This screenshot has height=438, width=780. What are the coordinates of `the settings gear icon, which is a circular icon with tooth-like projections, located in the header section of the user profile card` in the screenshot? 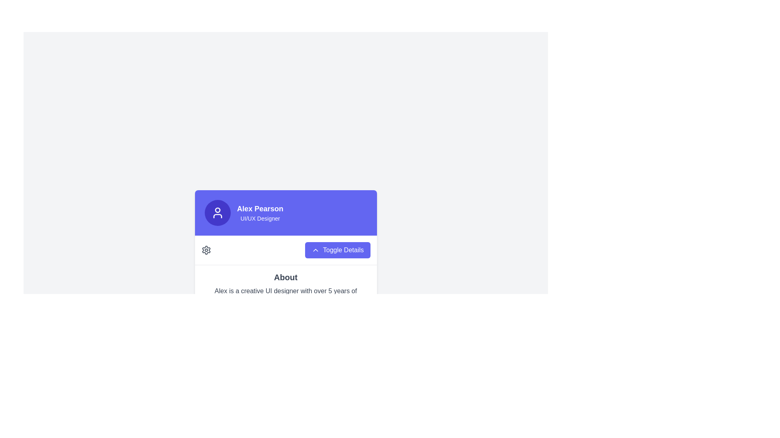 It's located at (206, 249).